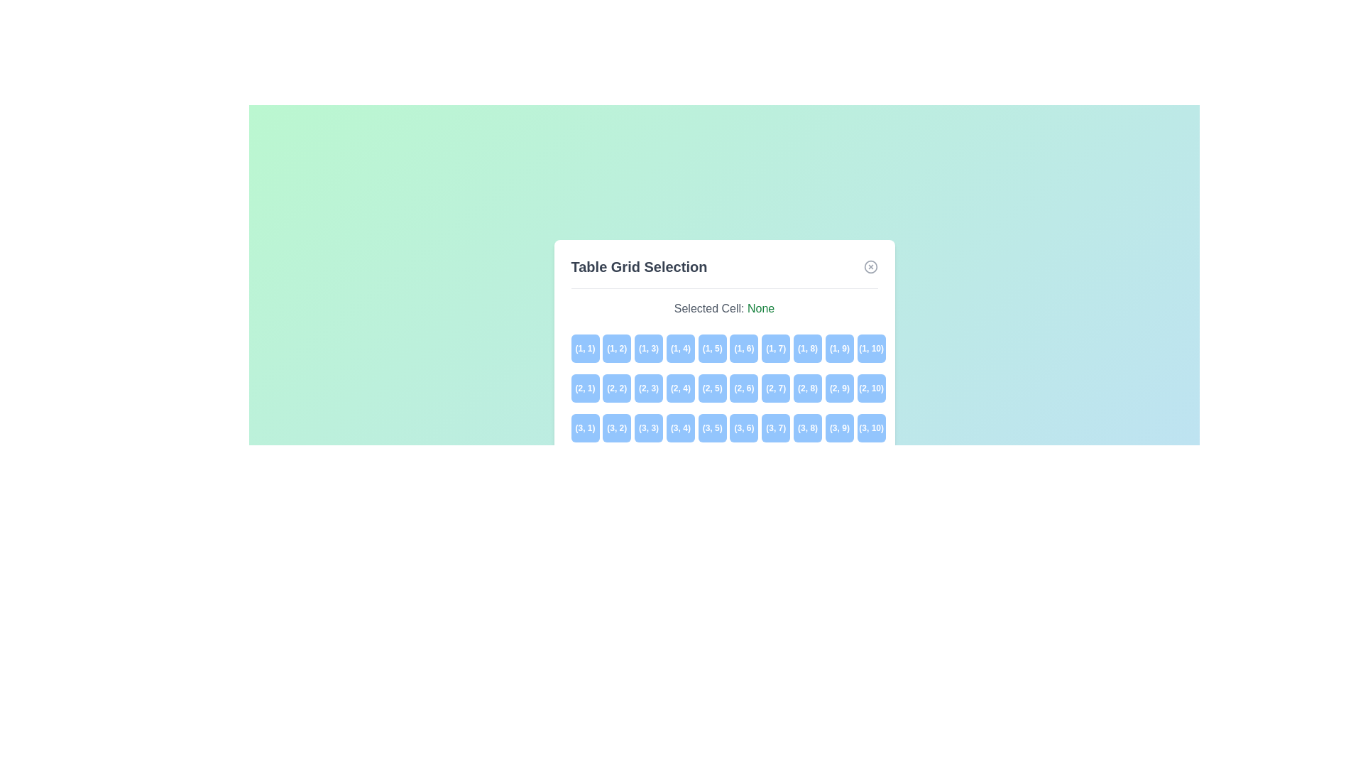 This screenshot has width=1363, height=767. Describe the element at coordinates (870, 266) in the screenshot. I see `the close button to close the dialog` at that location.